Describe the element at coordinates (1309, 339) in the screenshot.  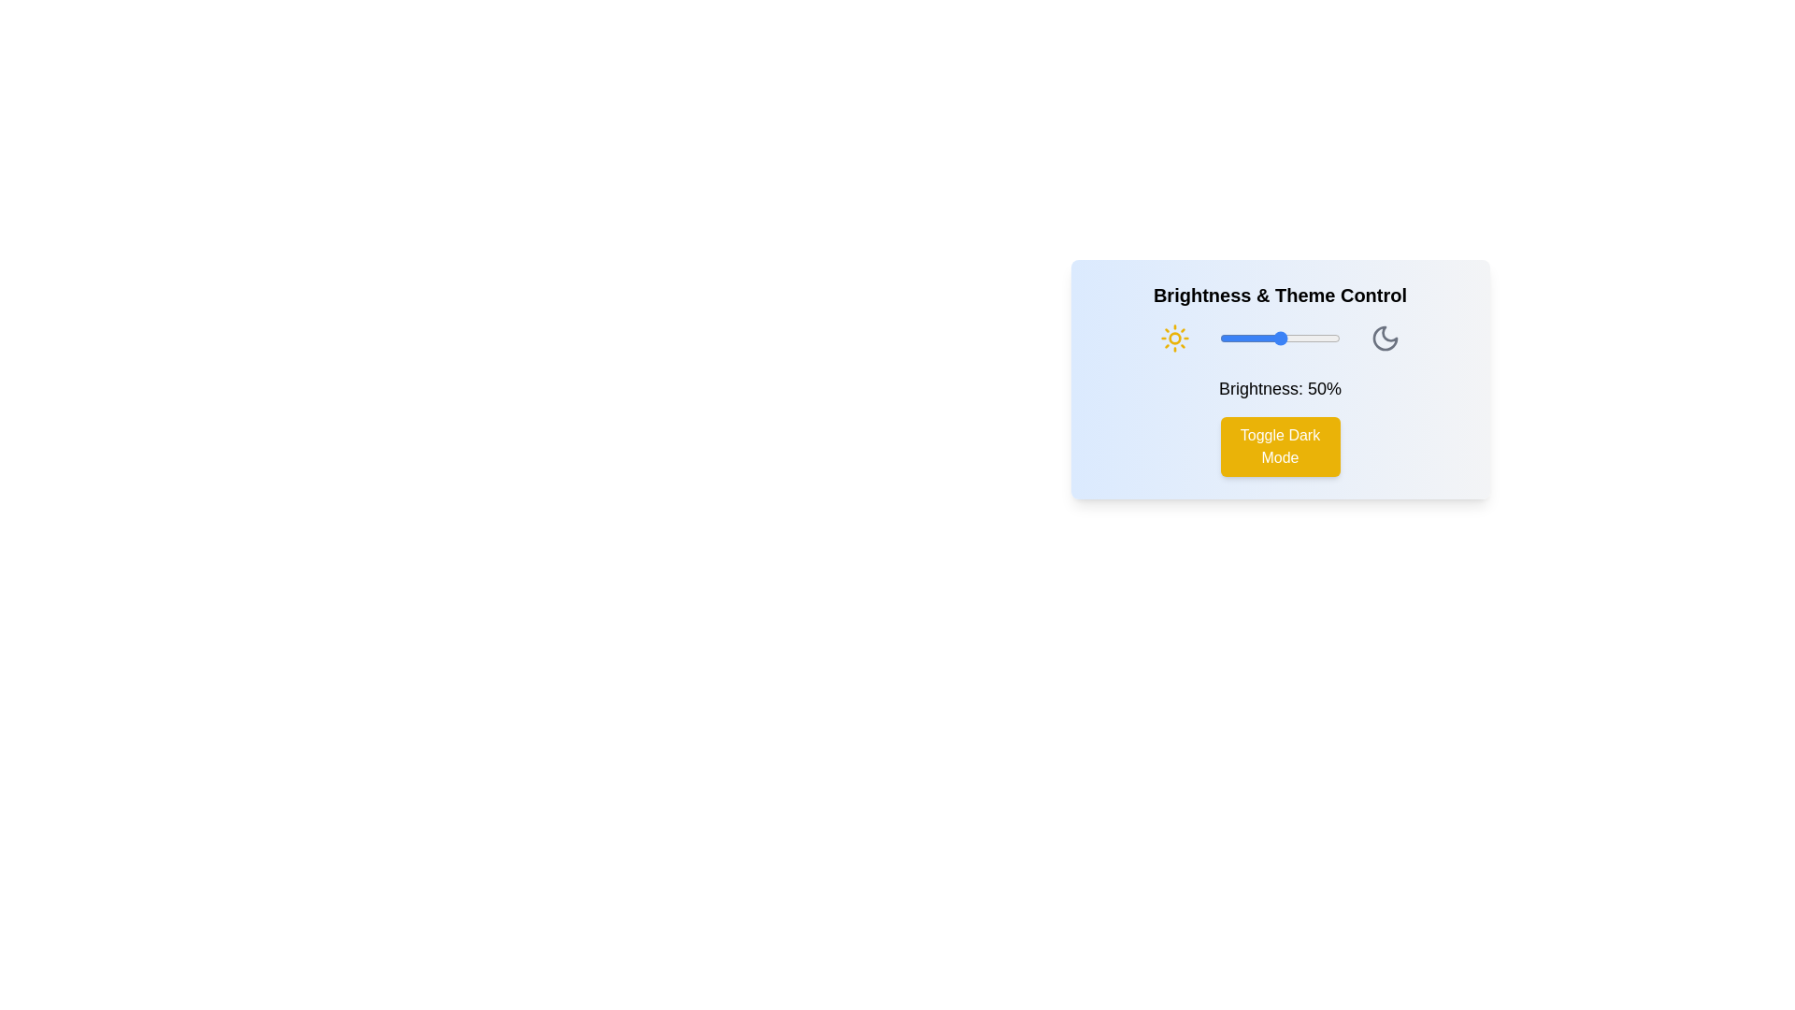
I see `the brightness level to 75% by dragging the slider` at that location.